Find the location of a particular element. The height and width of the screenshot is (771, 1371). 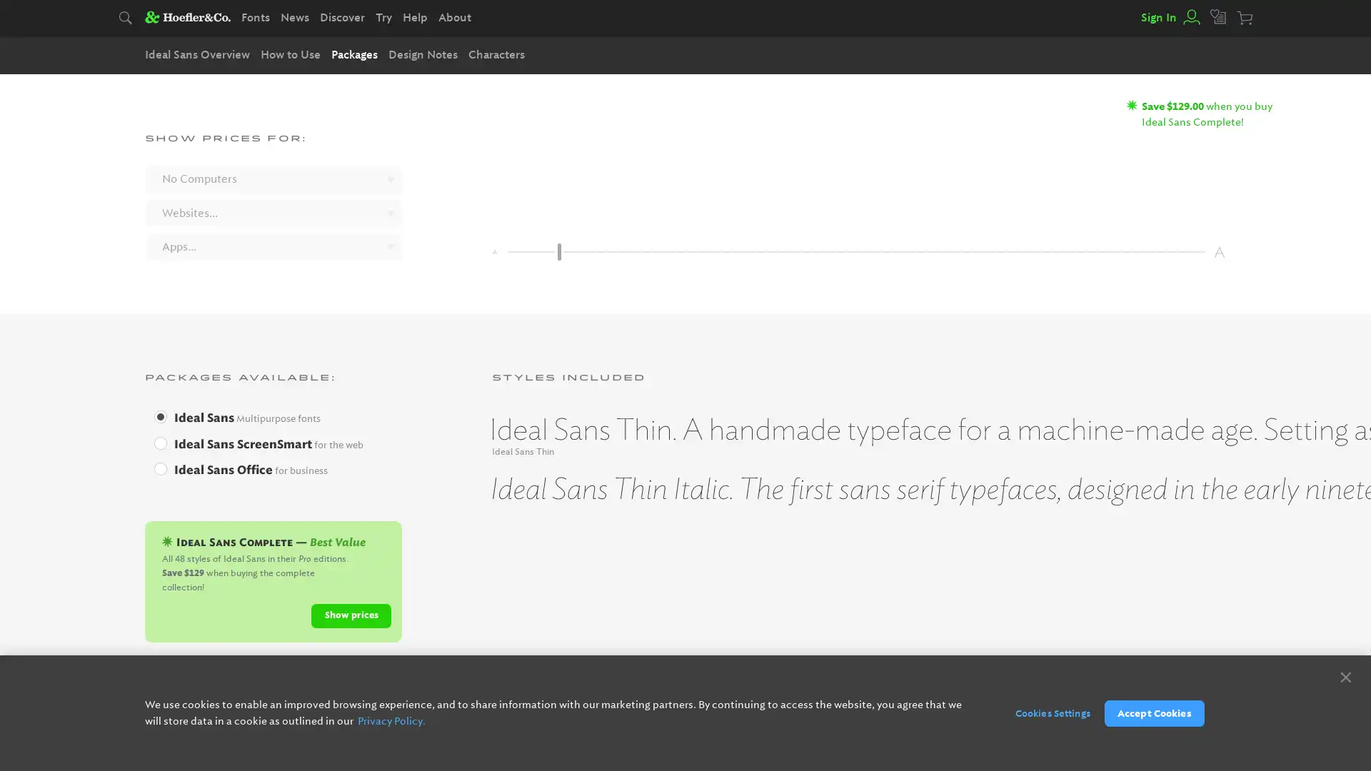

View your favorites is located at coordinates (1218, 17).